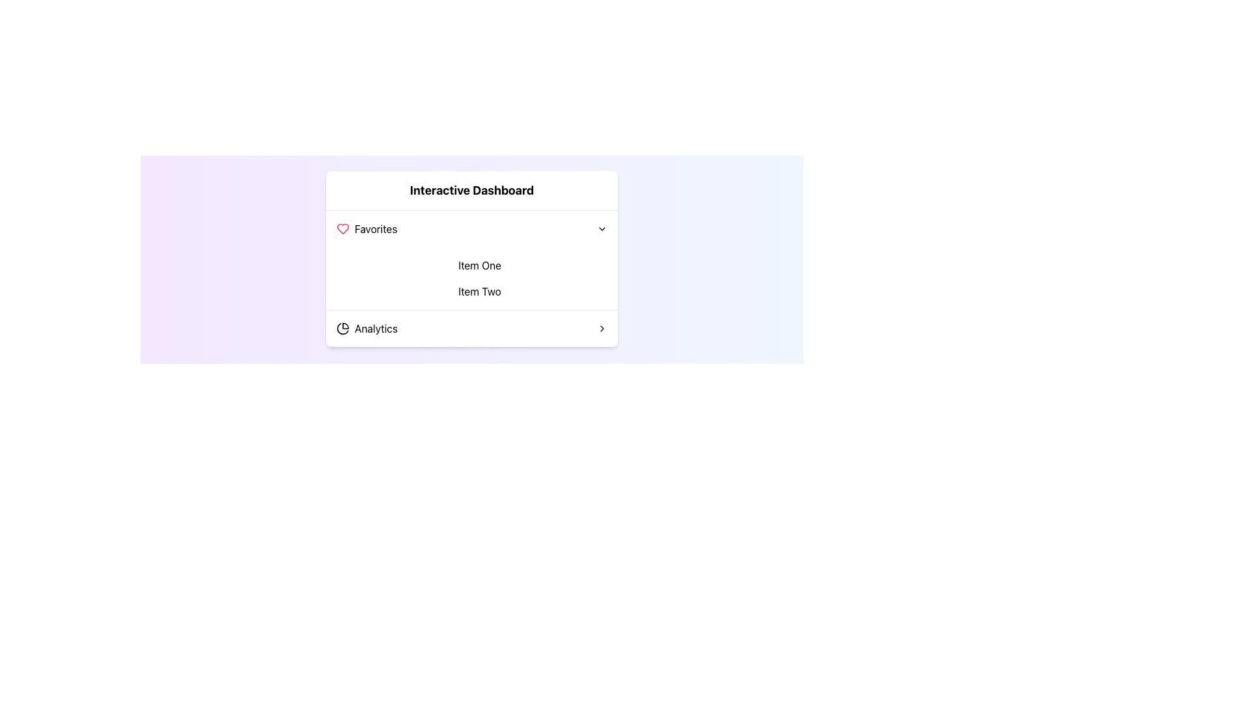  Describe the element at coordinates (471, 328) in the screenshot. I see `the 'Analytics' button, which is the last item` at that location.